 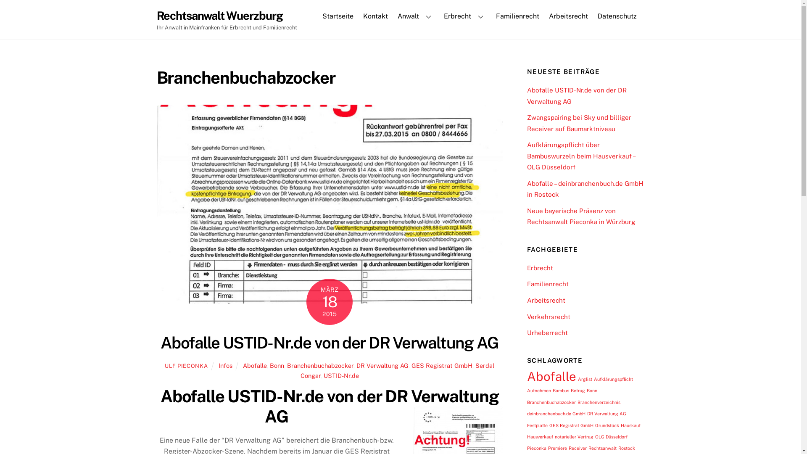 I want to click on 'Abofalle', so click(x=551, y=376).